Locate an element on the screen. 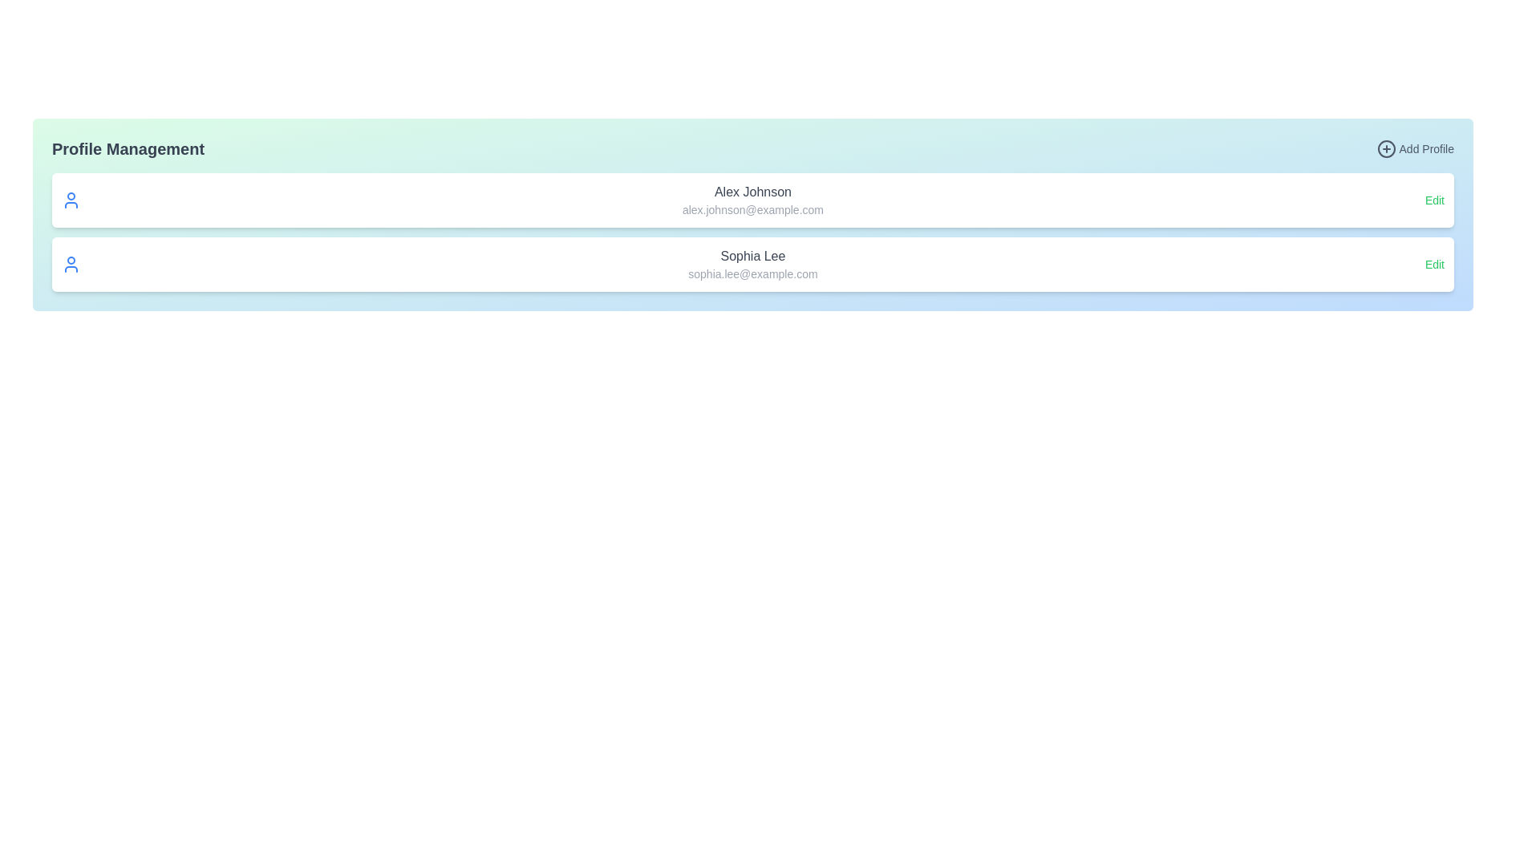 The height and width of the screenshot is (866, 1540). the decorative circle element within the '+' symbol, which is part of the 'Add Profile' button located at the top right corner of the interface is located at coordinates (1385, 148).